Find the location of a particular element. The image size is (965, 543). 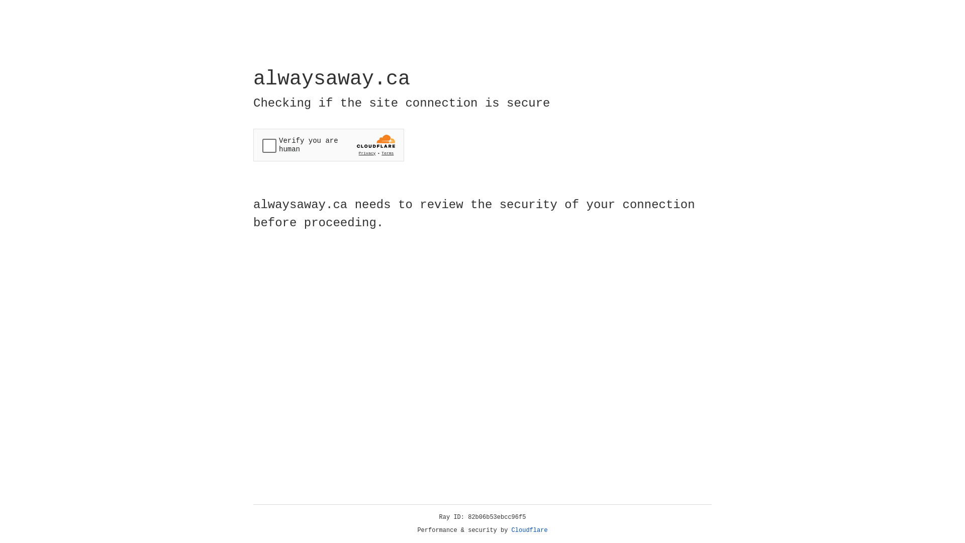

'Widget containing a Cloudflare security challenge' is located at coordinates (328, 145).